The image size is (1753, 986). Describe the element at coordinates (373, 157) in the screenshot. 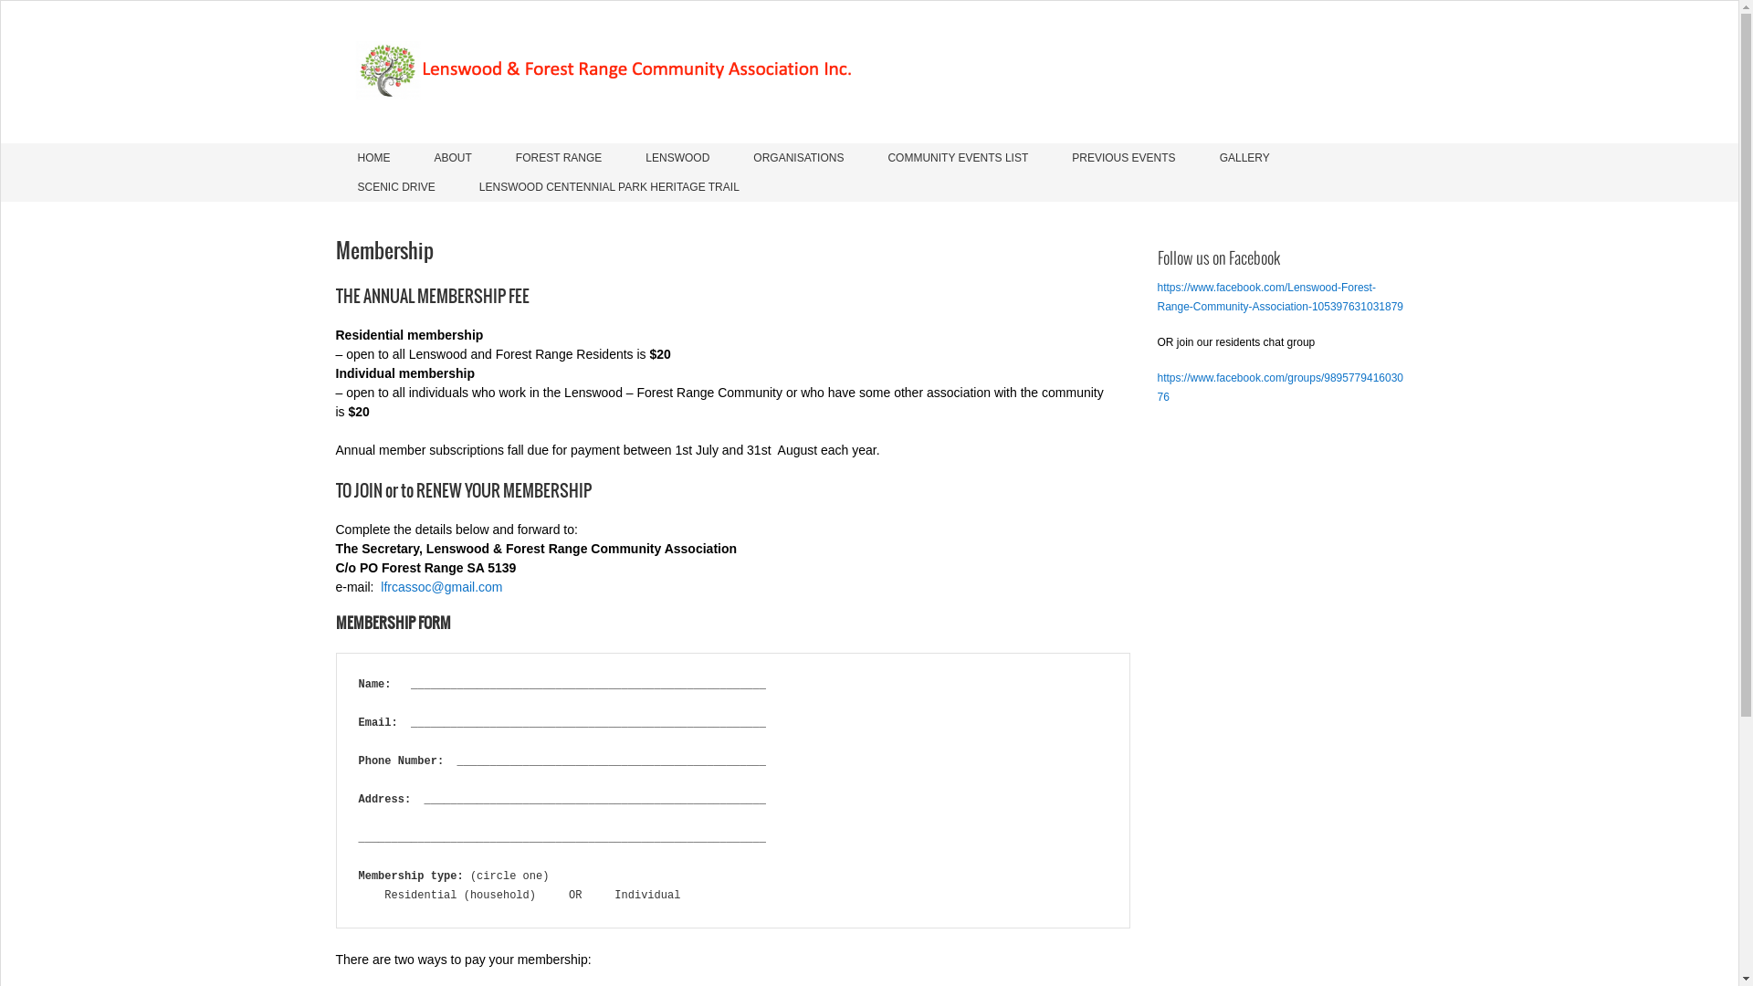

I see `'HOME'` at that location.